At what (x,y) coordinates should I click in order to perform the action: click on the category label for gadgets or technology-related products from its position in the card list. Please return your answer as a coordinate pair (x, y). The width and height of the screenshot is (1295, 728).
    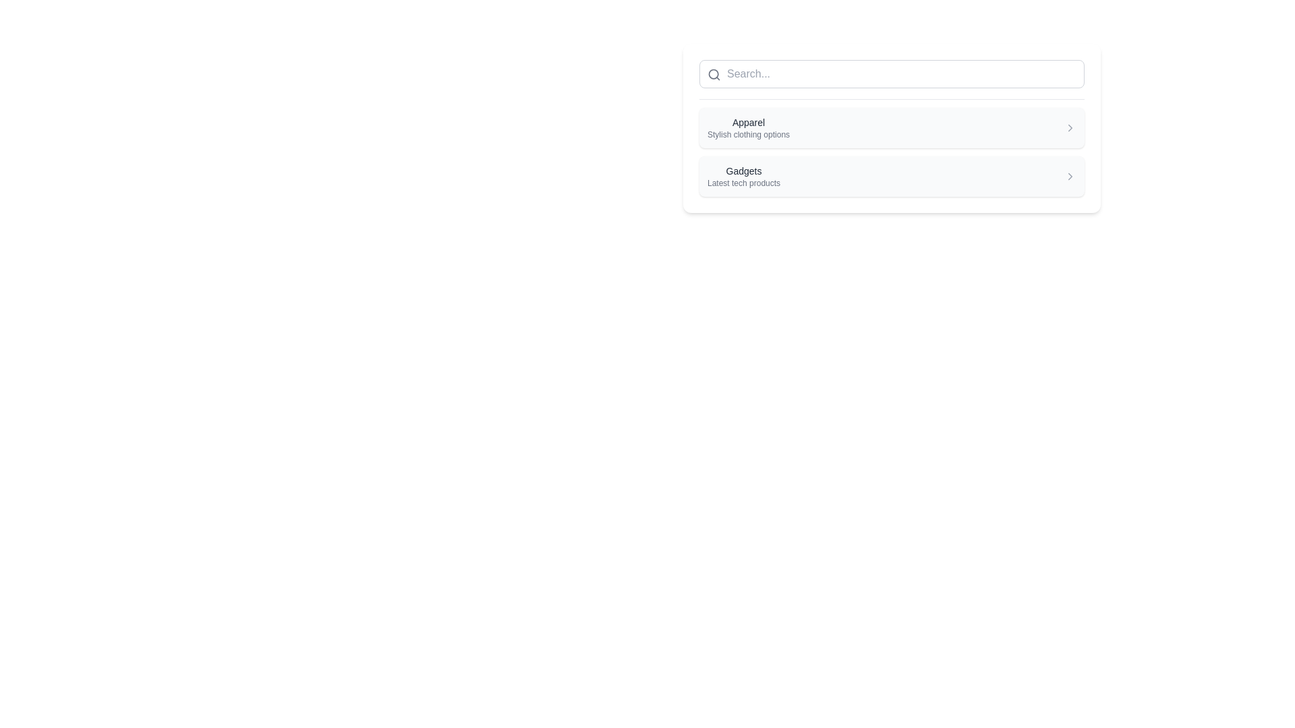
    Looking at the image, I should click on (743, 176).